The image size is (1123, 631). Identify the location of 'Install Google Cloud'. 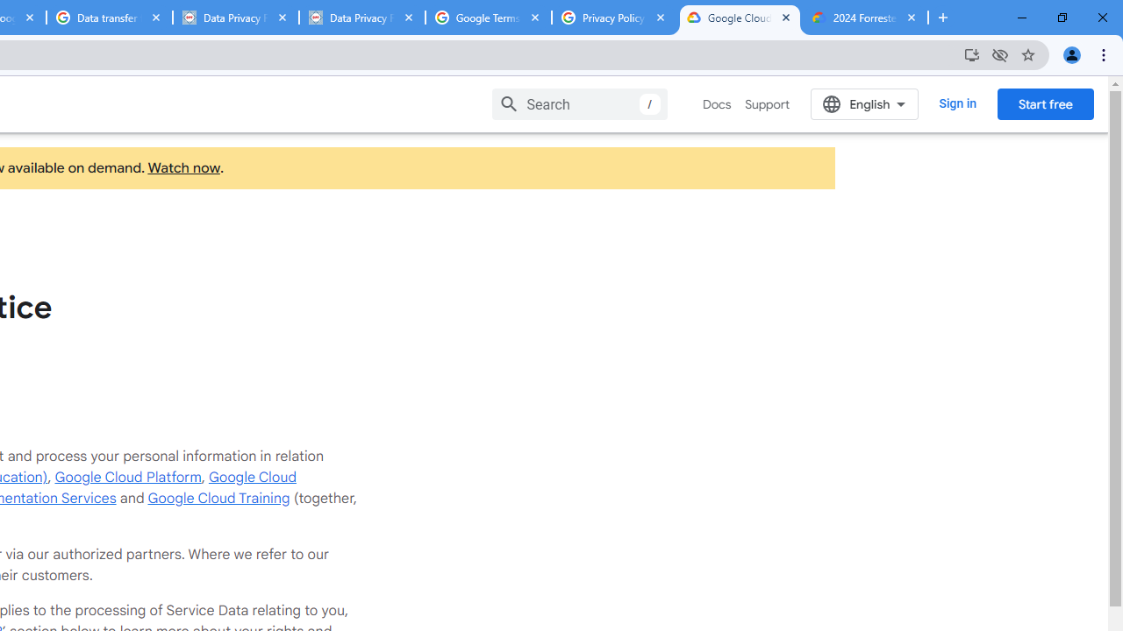
(970, 53).